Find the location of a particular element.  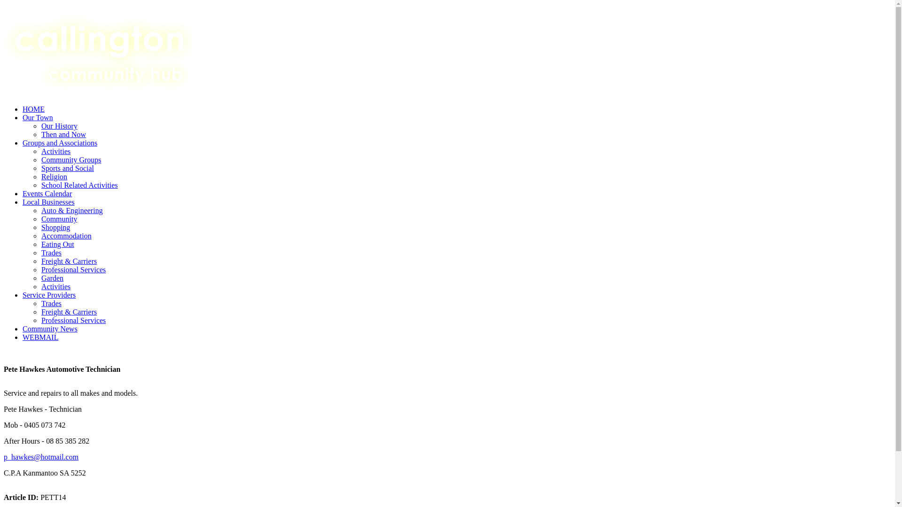

'Activities' is located at coordinates (40, 286).